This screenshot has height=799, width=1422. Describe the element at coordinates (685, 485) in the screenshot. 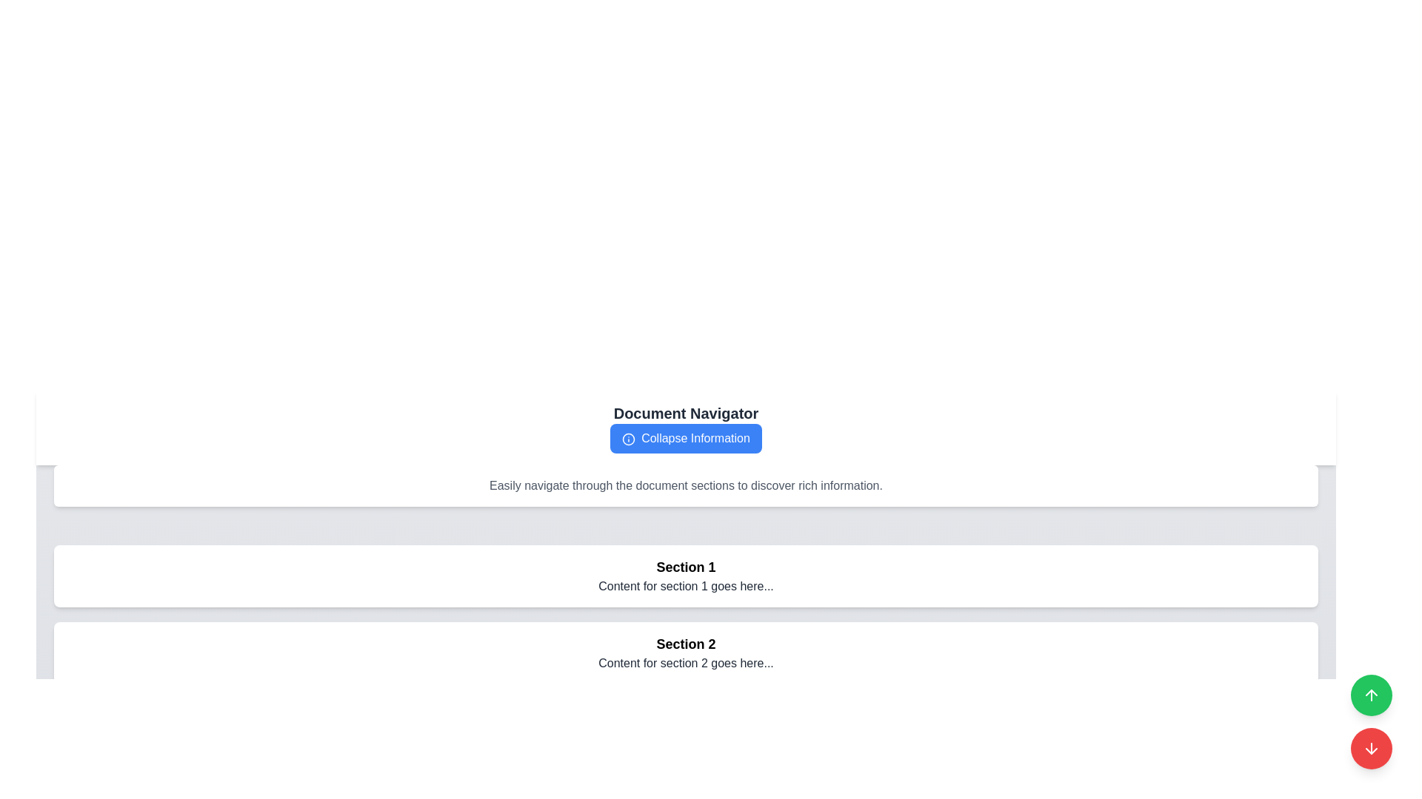

I see `the text display element that shows the message 'Easily navigate through the document sections to discover rich information.' which is located underneath the 'Document Navigator' heading` at that location.